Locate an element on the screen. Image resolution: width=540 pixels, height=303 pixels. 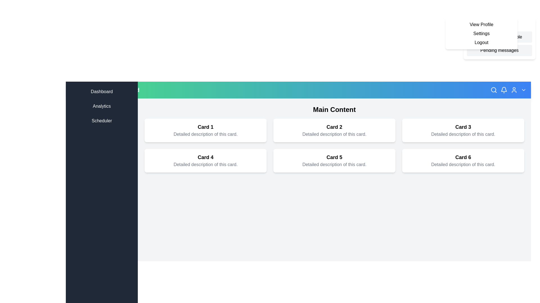
text label 'Card 1' which is a bold heading displayed in a larger font size, centrally aligned within the first card of a grid layout is located at coordinates (205, 127).